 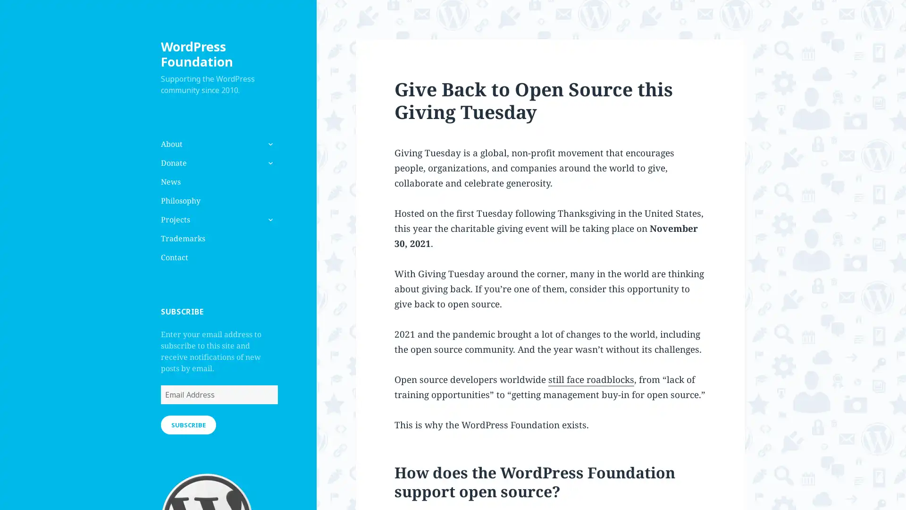 I want to click on SUBSCRIBE, so click(x=188, y=424).